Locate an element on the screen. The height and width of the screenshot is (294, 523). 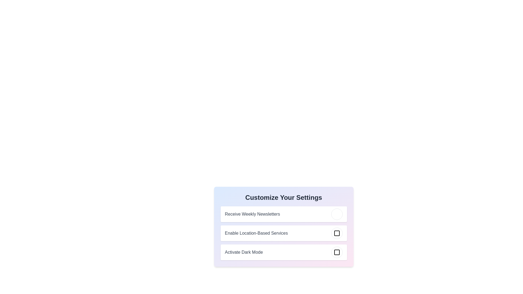
the text label describing the checkbox option for enabling location-based services, located in the middle row under the header 'Customize Your Settings' is located at coordinates (256, 233).